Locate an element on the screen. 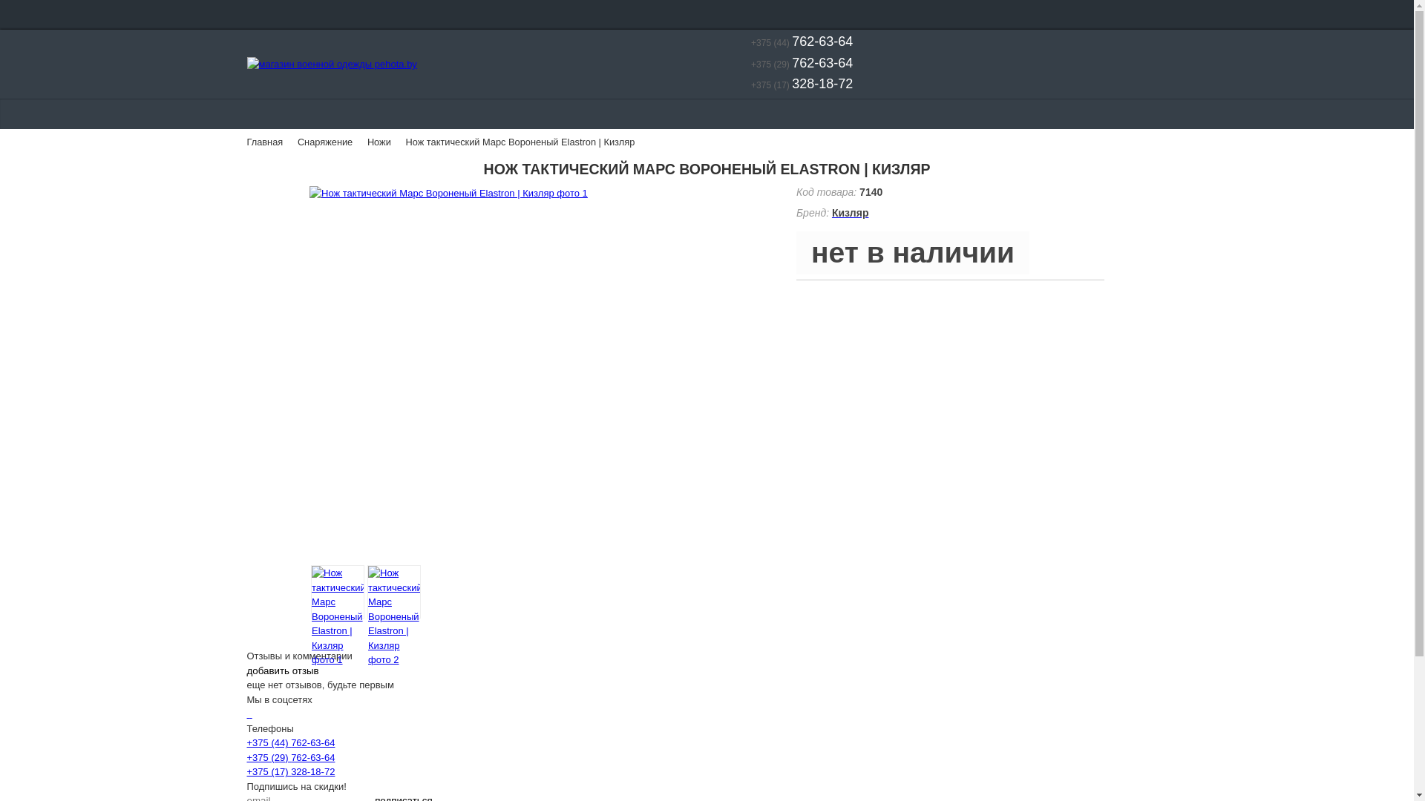 The width and height of the screenshot is (1425, 801). '+375 (44) 762-63-64' is located at coordinates (246, 742).